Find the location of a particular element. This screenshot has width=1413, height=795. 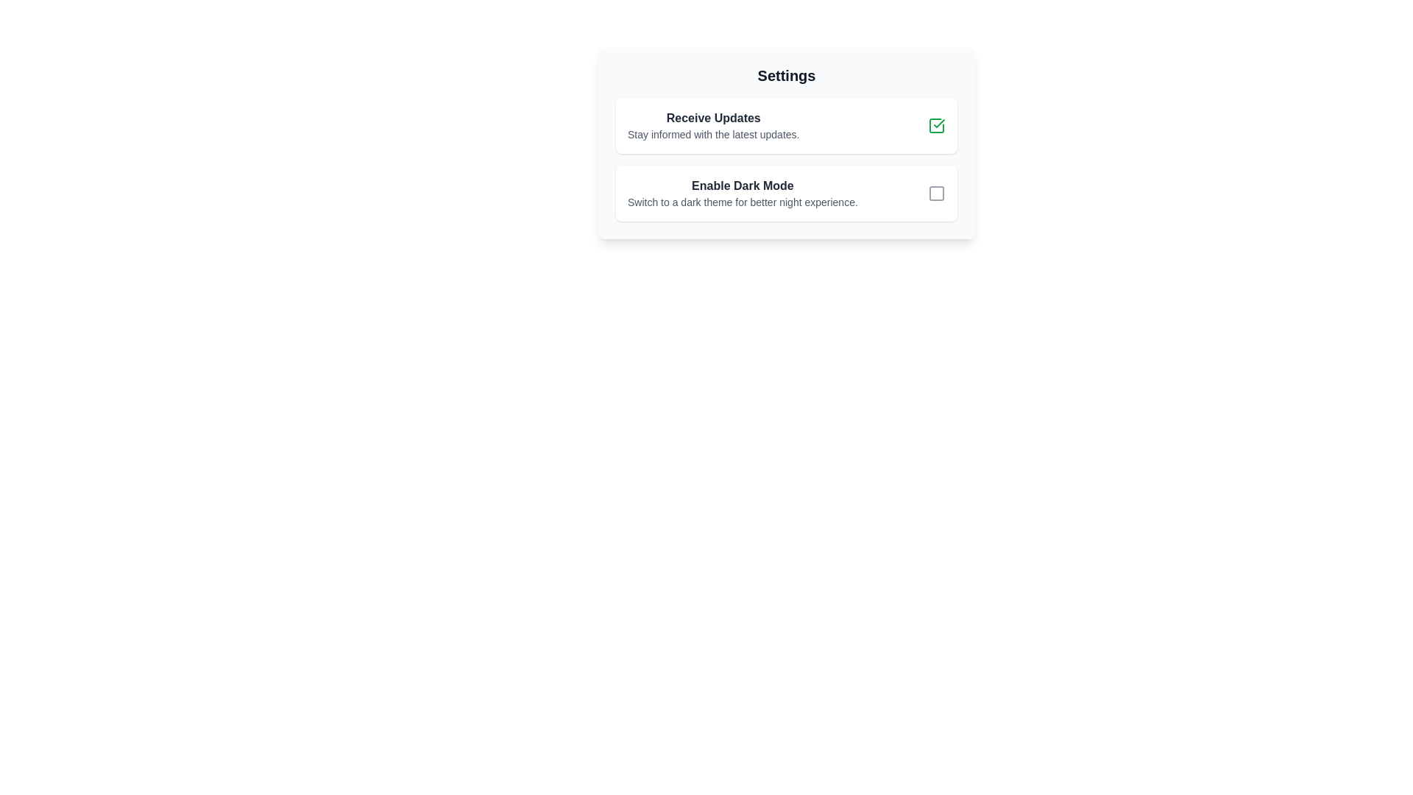

the 'Receive Updates' text block, which has a bold title and a lighter subheading, located in the upper section of a card-like UI component is located at coordinates (713, 124).